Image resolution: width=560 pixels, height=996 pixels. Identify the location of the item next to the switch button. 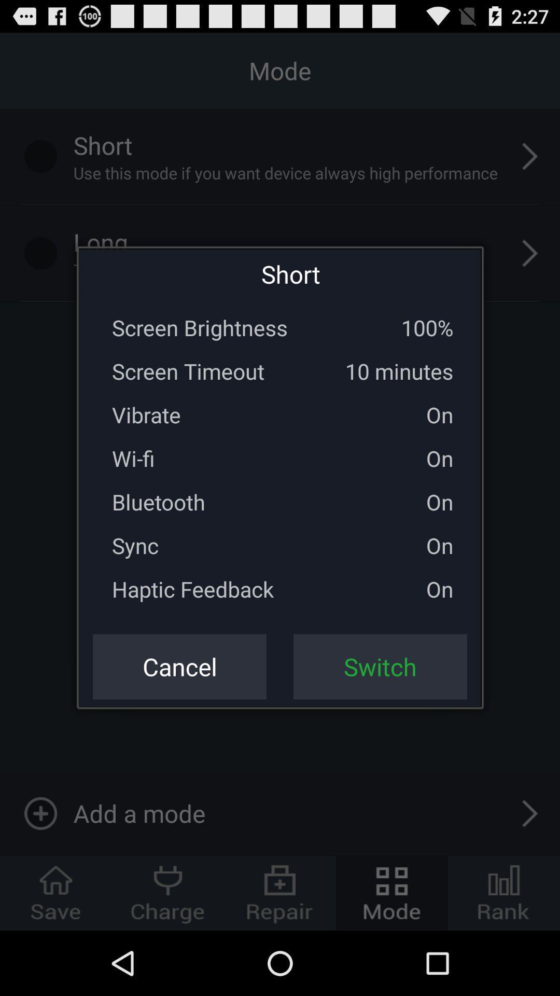
(179, 667).